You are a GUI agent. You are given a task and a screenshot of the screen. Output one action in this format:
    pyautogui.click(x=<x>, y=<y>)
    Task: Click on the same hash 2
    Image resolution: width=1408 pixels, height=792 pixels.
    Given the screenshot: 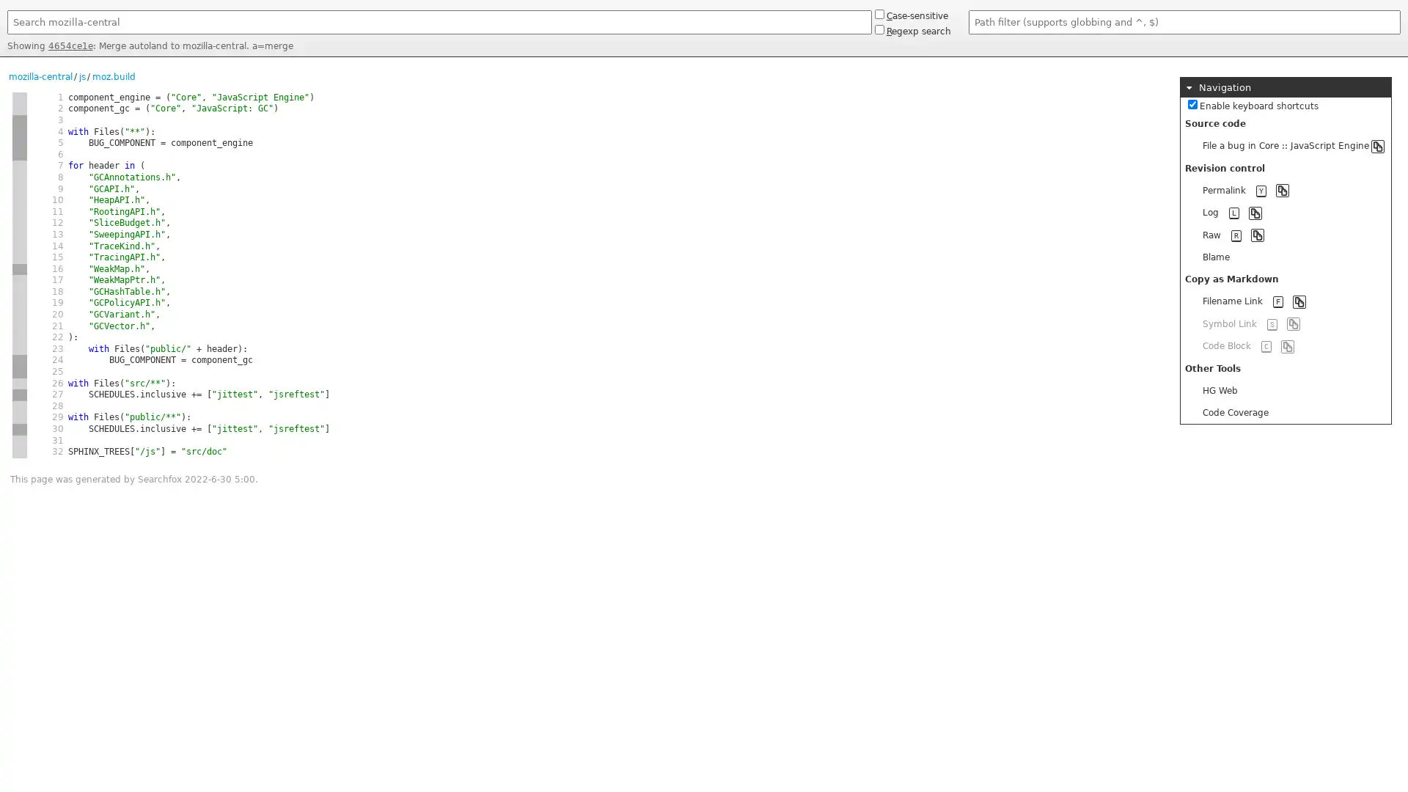 What is the action you would take?
    pyautogui.click(x=20, y=371)
    